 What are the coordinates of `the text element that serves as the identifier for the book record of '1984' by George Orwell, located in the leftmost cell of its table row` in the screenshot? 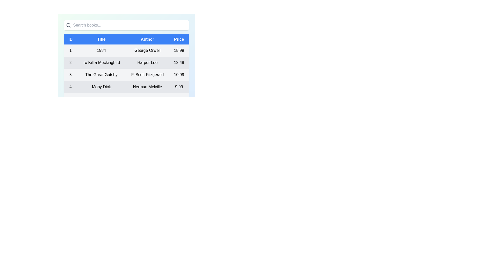 It's located at (70, 51).